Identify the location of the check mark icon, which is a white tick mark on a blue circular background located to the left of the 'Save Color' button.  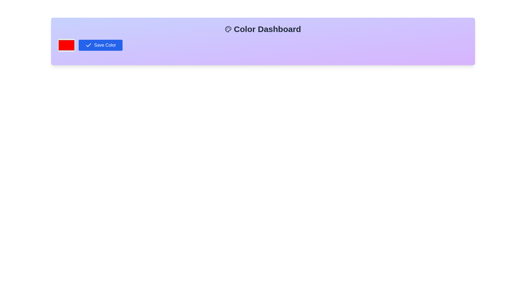
(89, 45).